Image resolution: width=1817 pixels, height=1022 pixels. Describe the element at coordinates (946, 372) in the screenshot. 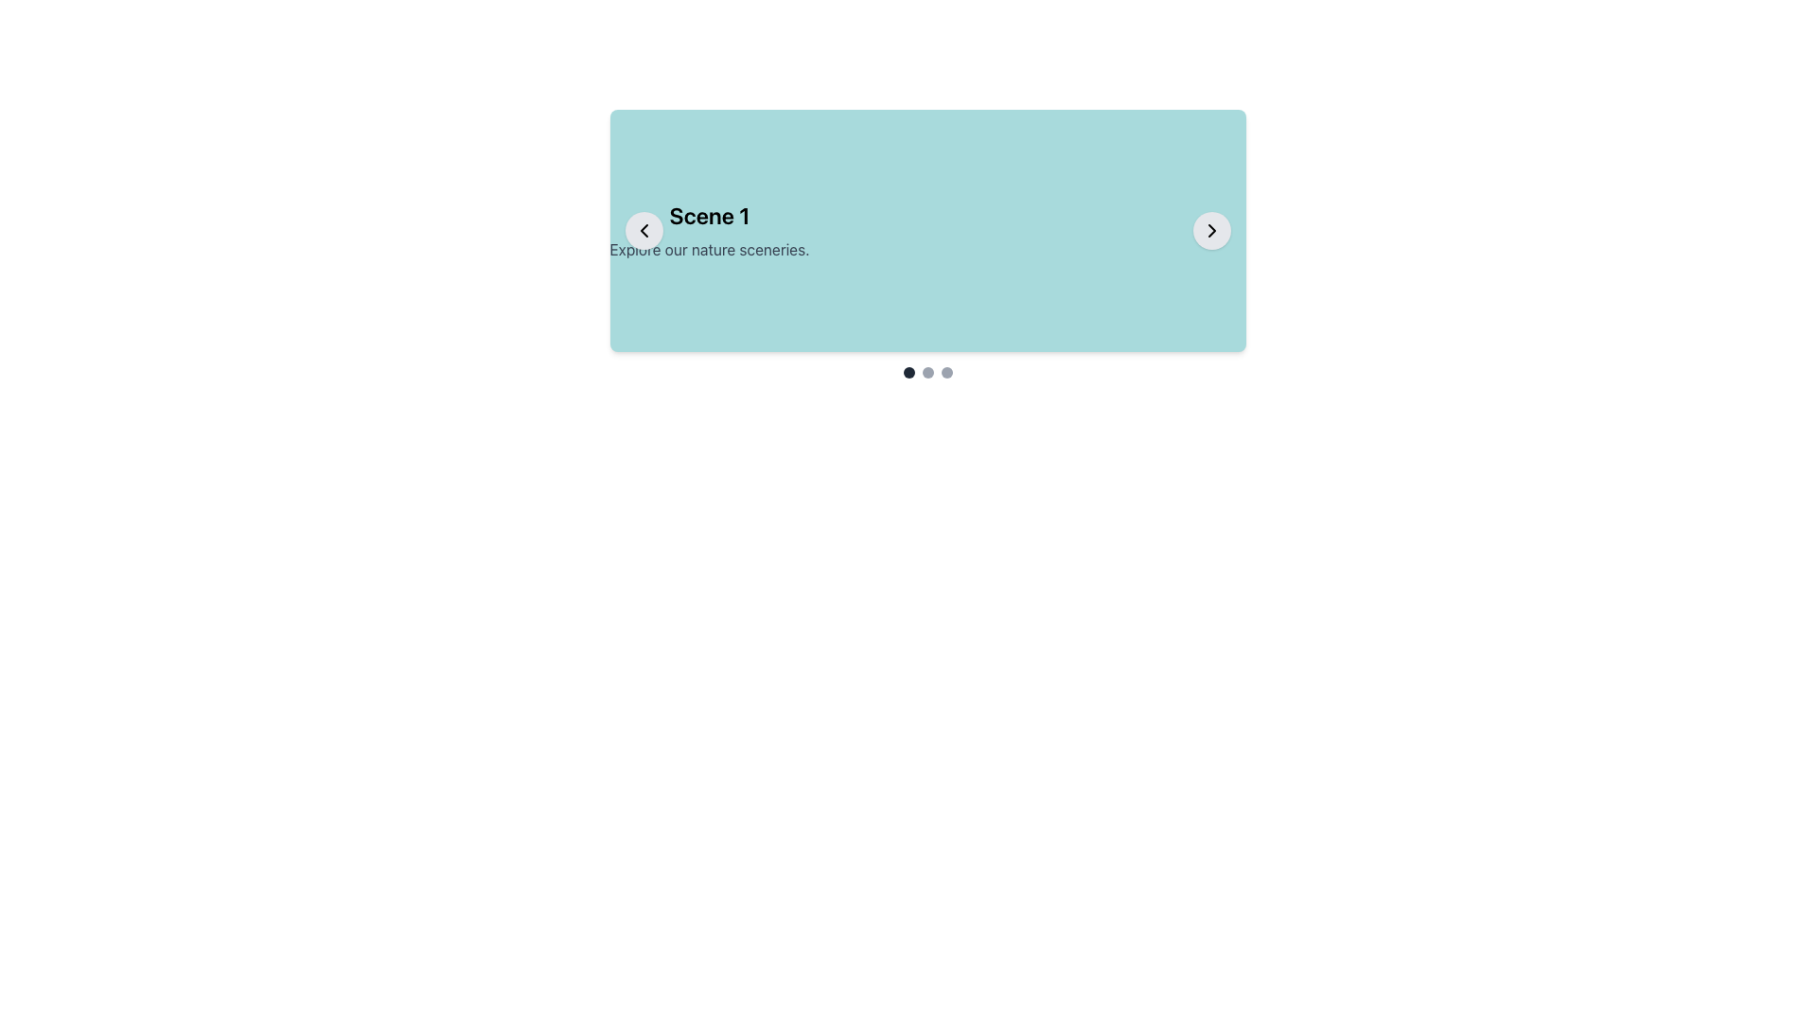

I see `the third gray circular dot of the Navigation Indicator` at that location.